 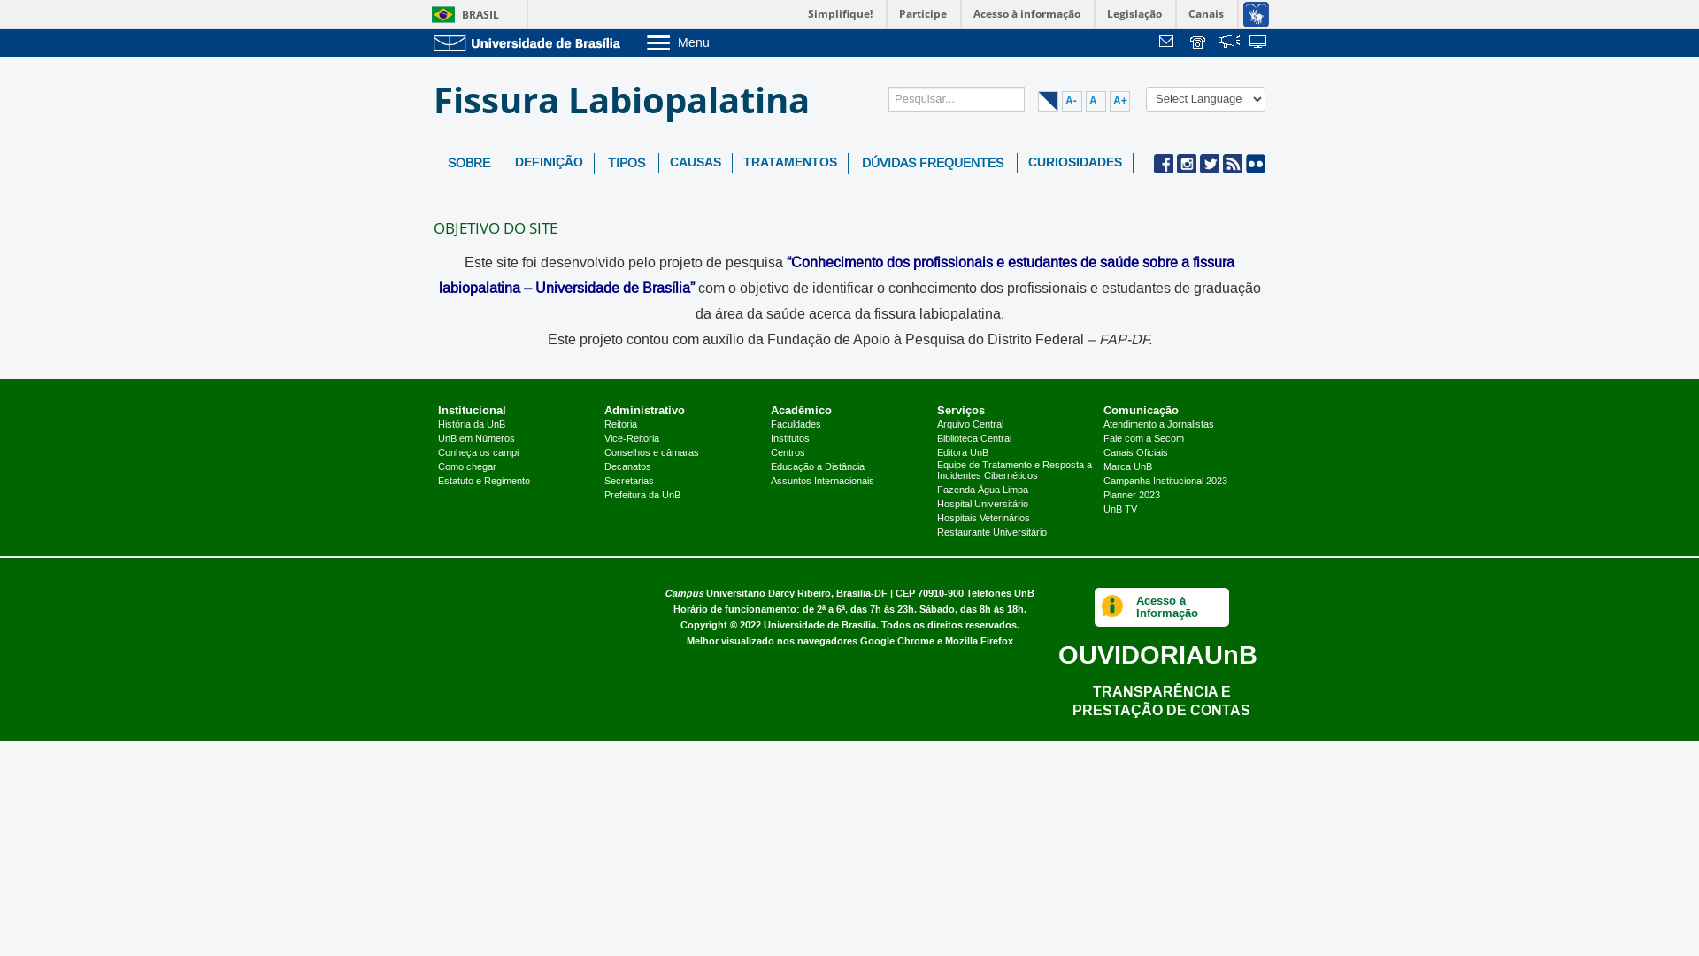 What do you see at coordinates (1000, 593) in the screenshot?
I see `'Telefones UnB'` at bounding box center [1000, 593].